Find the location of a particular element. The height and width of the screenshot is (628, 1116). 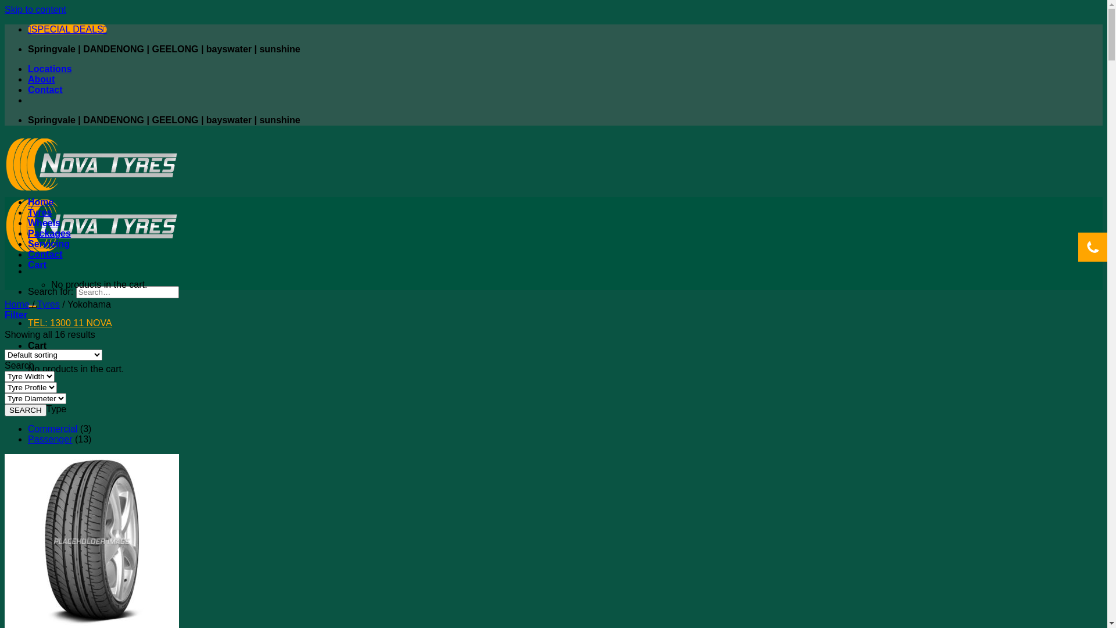

'Skip to content' is located at coordinates (35, 9).